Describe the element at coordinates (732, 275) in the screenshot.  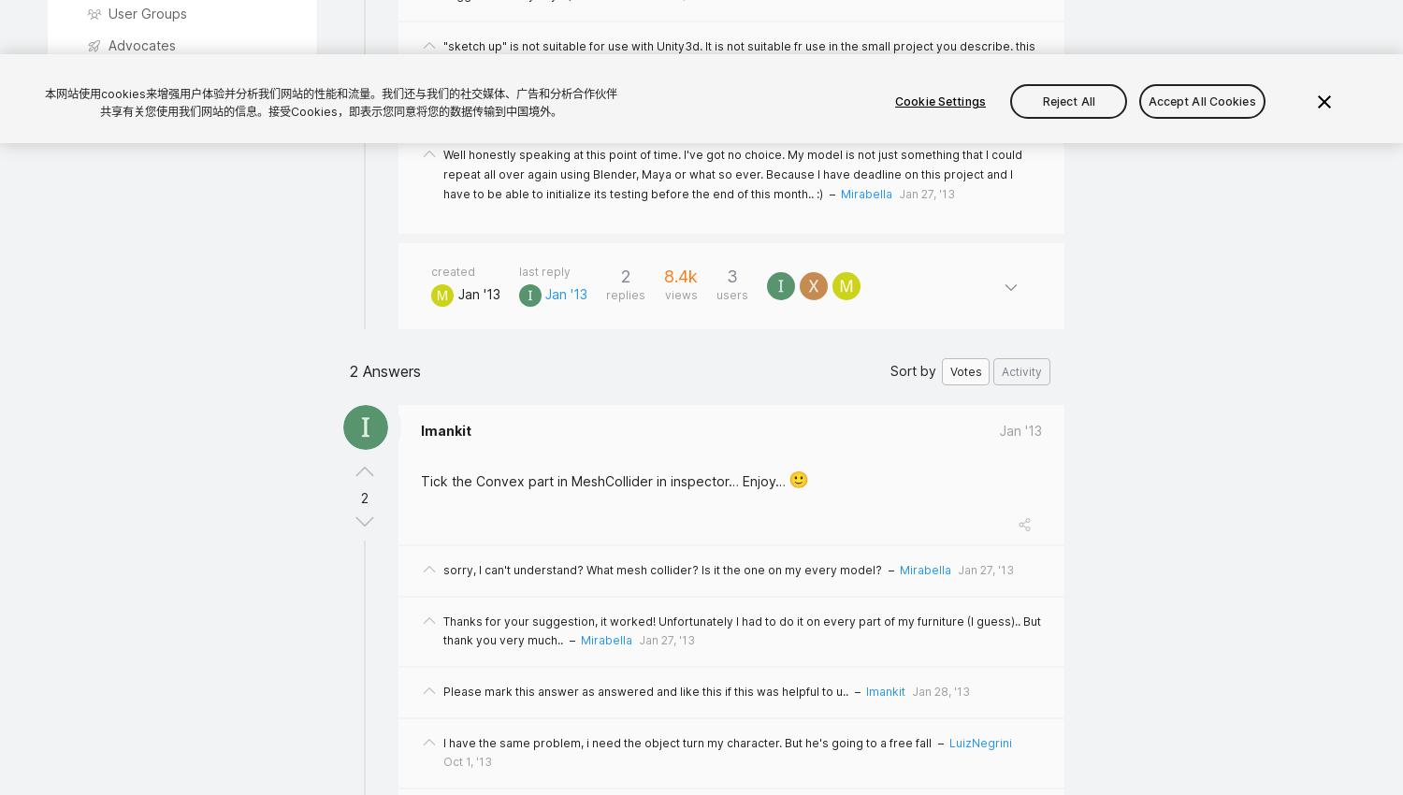
I see `'3'` at that location.